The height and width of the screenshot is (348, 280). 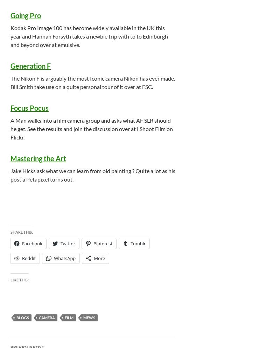 I want to click on 'More', so click(x=99, y=258).